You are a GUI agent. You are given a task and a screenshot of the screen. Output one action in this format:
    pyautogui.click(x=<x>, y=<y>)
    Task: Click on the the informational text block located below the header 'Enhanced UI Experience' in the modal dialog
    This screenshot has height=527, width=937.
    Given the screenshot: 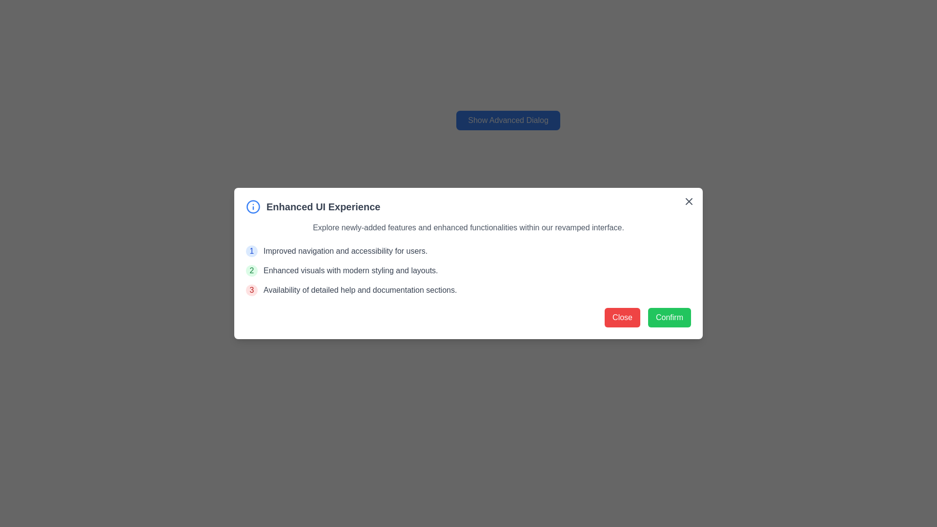 What is the action you would take?
    pyautogui.click(x=468, y=227)
    